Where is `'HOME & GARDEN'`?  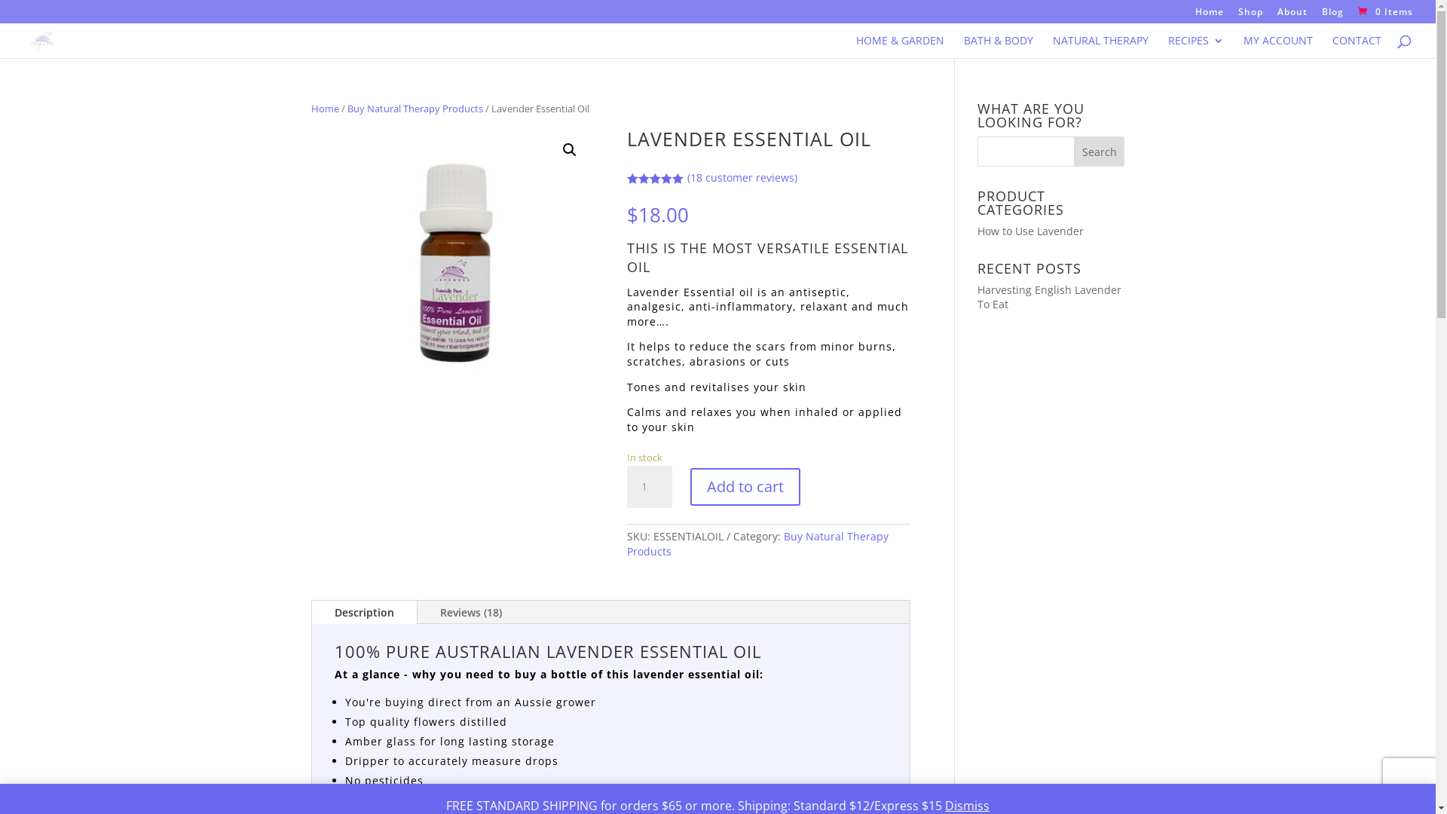 'HOME & GARDEN' is located at coordinates (900, 45).